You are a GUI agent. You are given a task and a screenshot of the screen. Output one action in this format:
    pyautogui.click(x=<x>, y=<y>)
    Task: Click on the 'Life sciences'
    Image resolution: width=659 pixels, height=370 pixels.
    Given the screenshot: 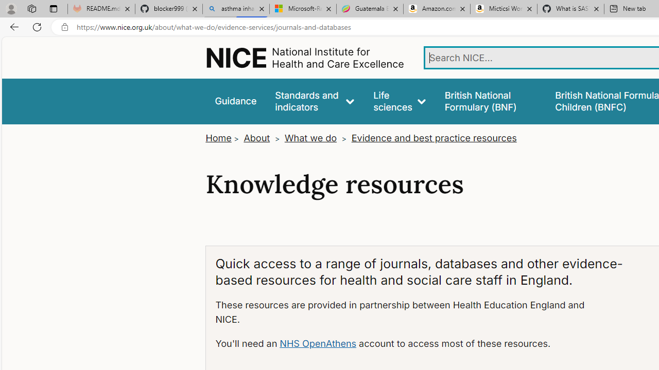 What is the action you would take?
    pyautogui.click(x=399, y=101)
    